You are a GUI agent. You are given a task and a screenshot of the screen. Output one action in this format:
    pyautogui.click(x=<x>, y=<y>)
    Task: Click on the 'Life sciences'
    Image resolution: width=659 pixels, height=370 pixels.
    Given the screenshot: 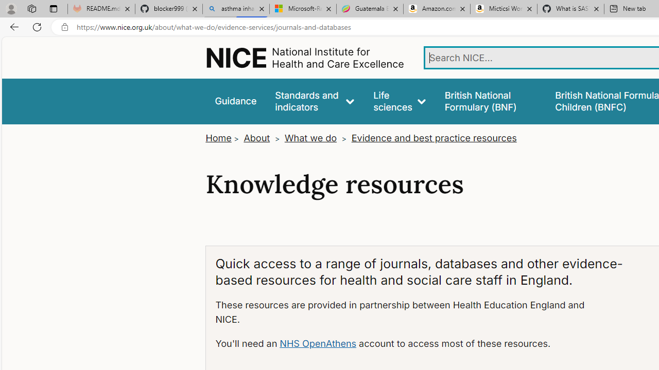 What is the action you would take?
    pyautogui.click(x=399, y=101)
    